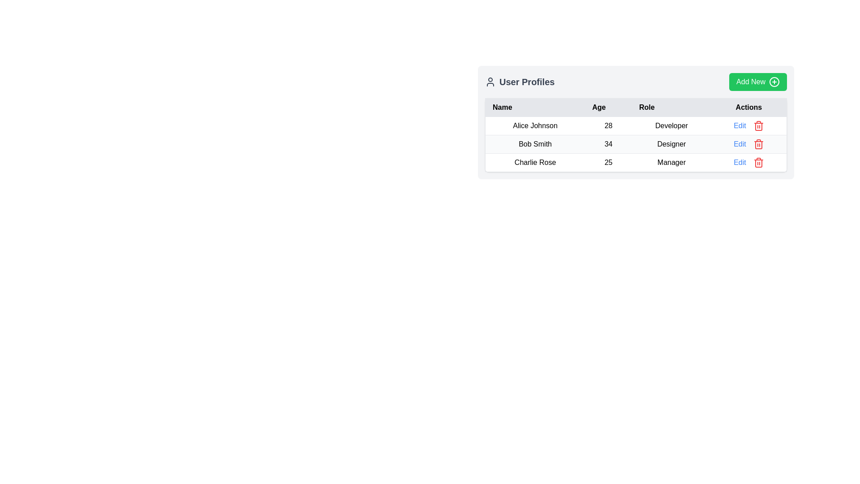  Describe the element at coordinates (608, 126) in the screenshot. I see `the static text element displaying '28' in the 'Age' column for the user 'Alice Johnson', which is styled as plain text and centered within its table cell` at that location.